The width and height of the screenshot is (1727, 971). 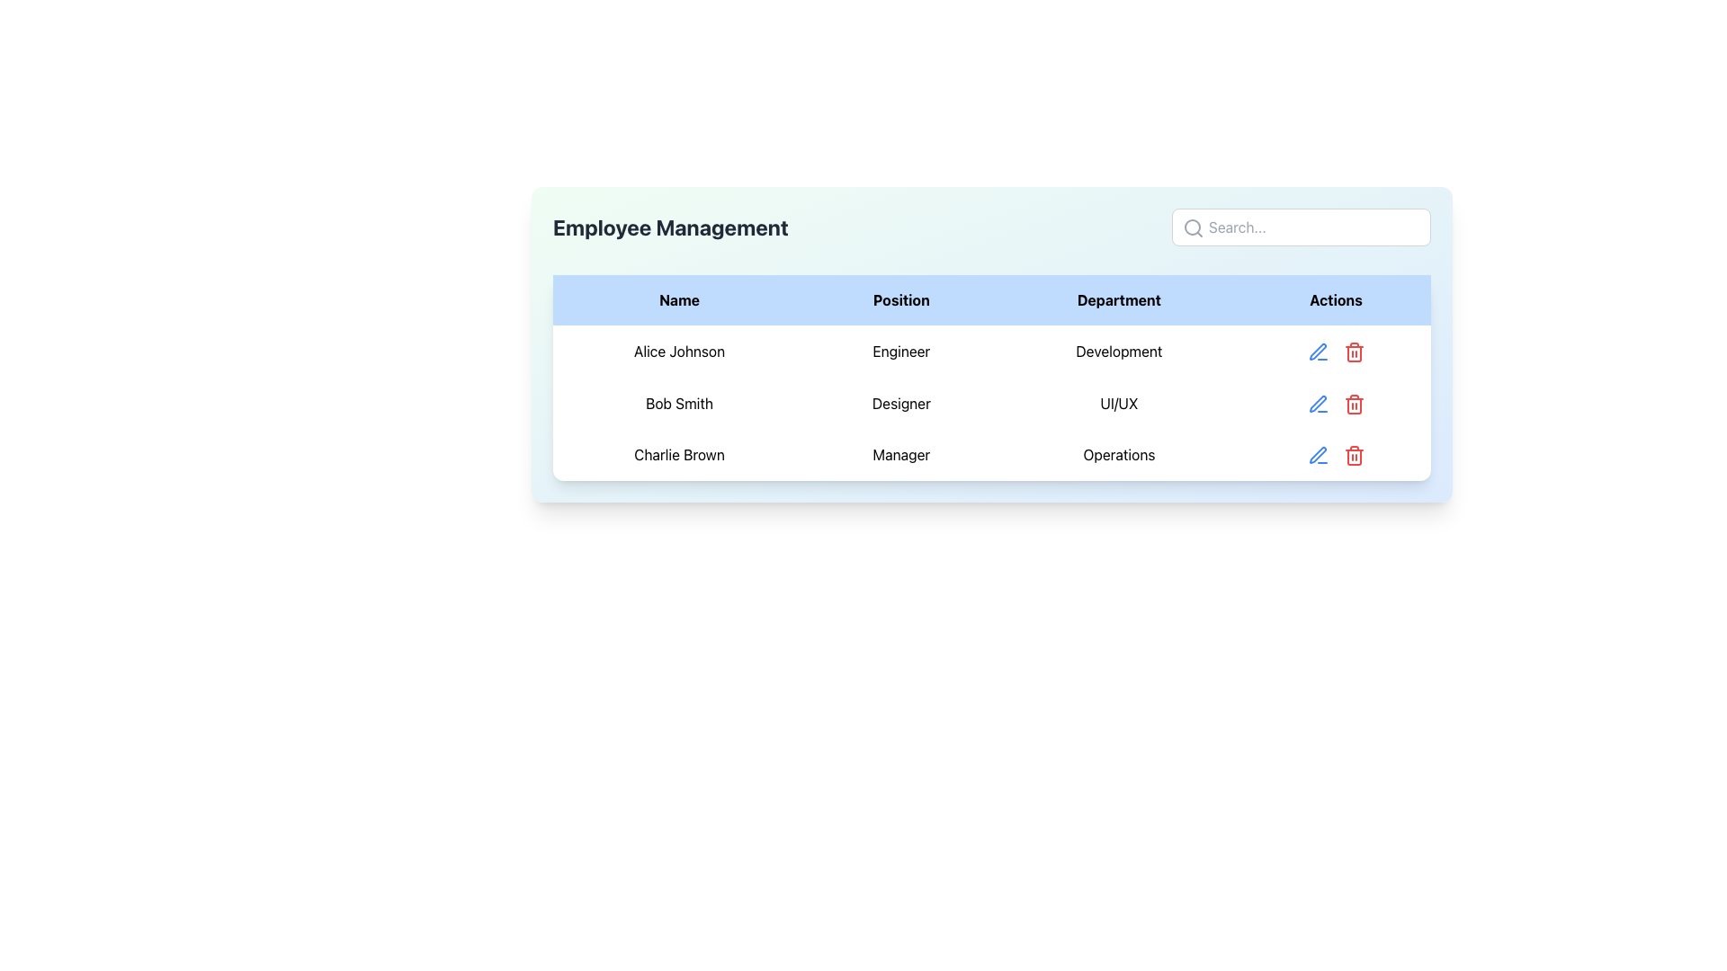 What do you see at coordinates (1118, 402) in the screenshot?
I see `department field text (UI/UX) associated with the 'Bob Smith' row in the employee management table, located in the third cell of that row` at bounding box center [1118, 402].